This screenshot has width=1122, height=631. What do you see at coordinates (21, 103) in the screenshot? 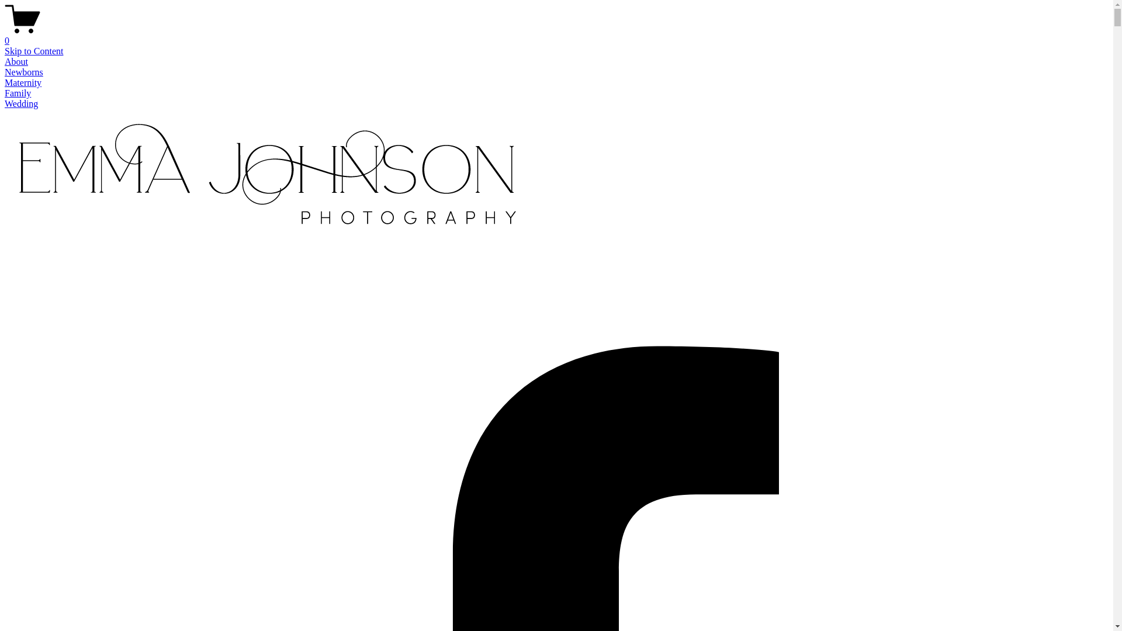
I see `'Wedding'` at bounding box center [21, 103].